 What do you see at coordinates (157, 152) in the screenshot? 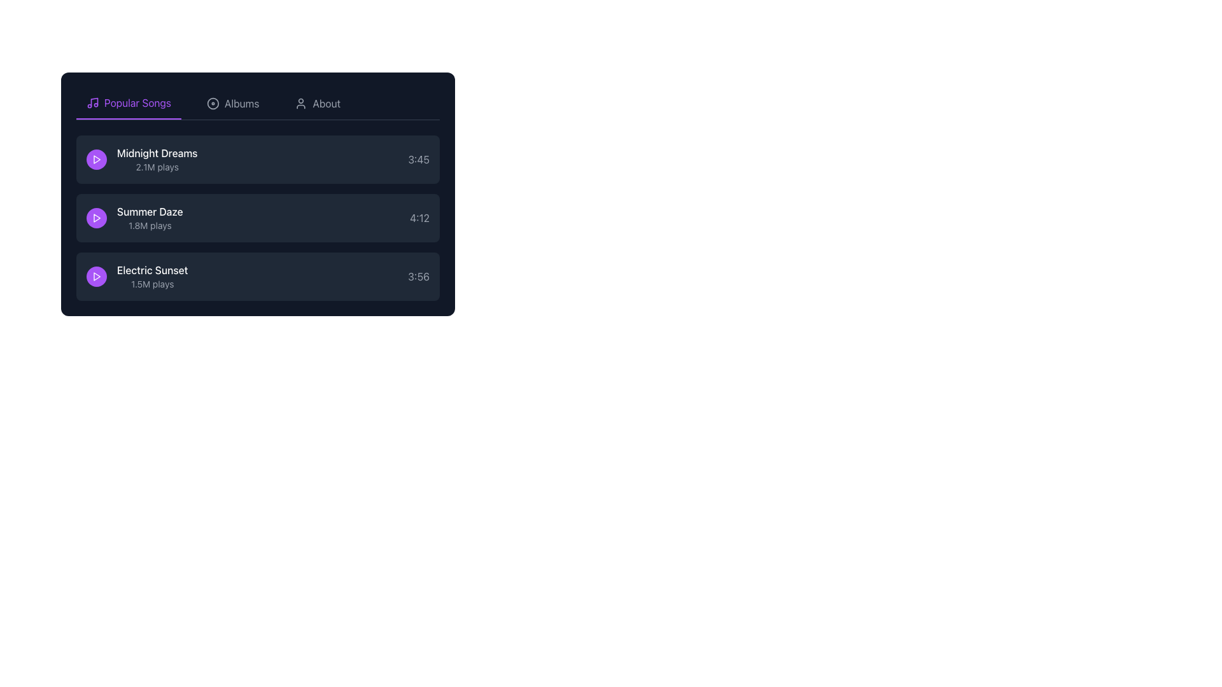
I see `text label displaying the track name 'Midnight Dreams', which is located in the first row of a vertical list of songs, positioned to the left of the play button icon` at bounding box center [157, 152].